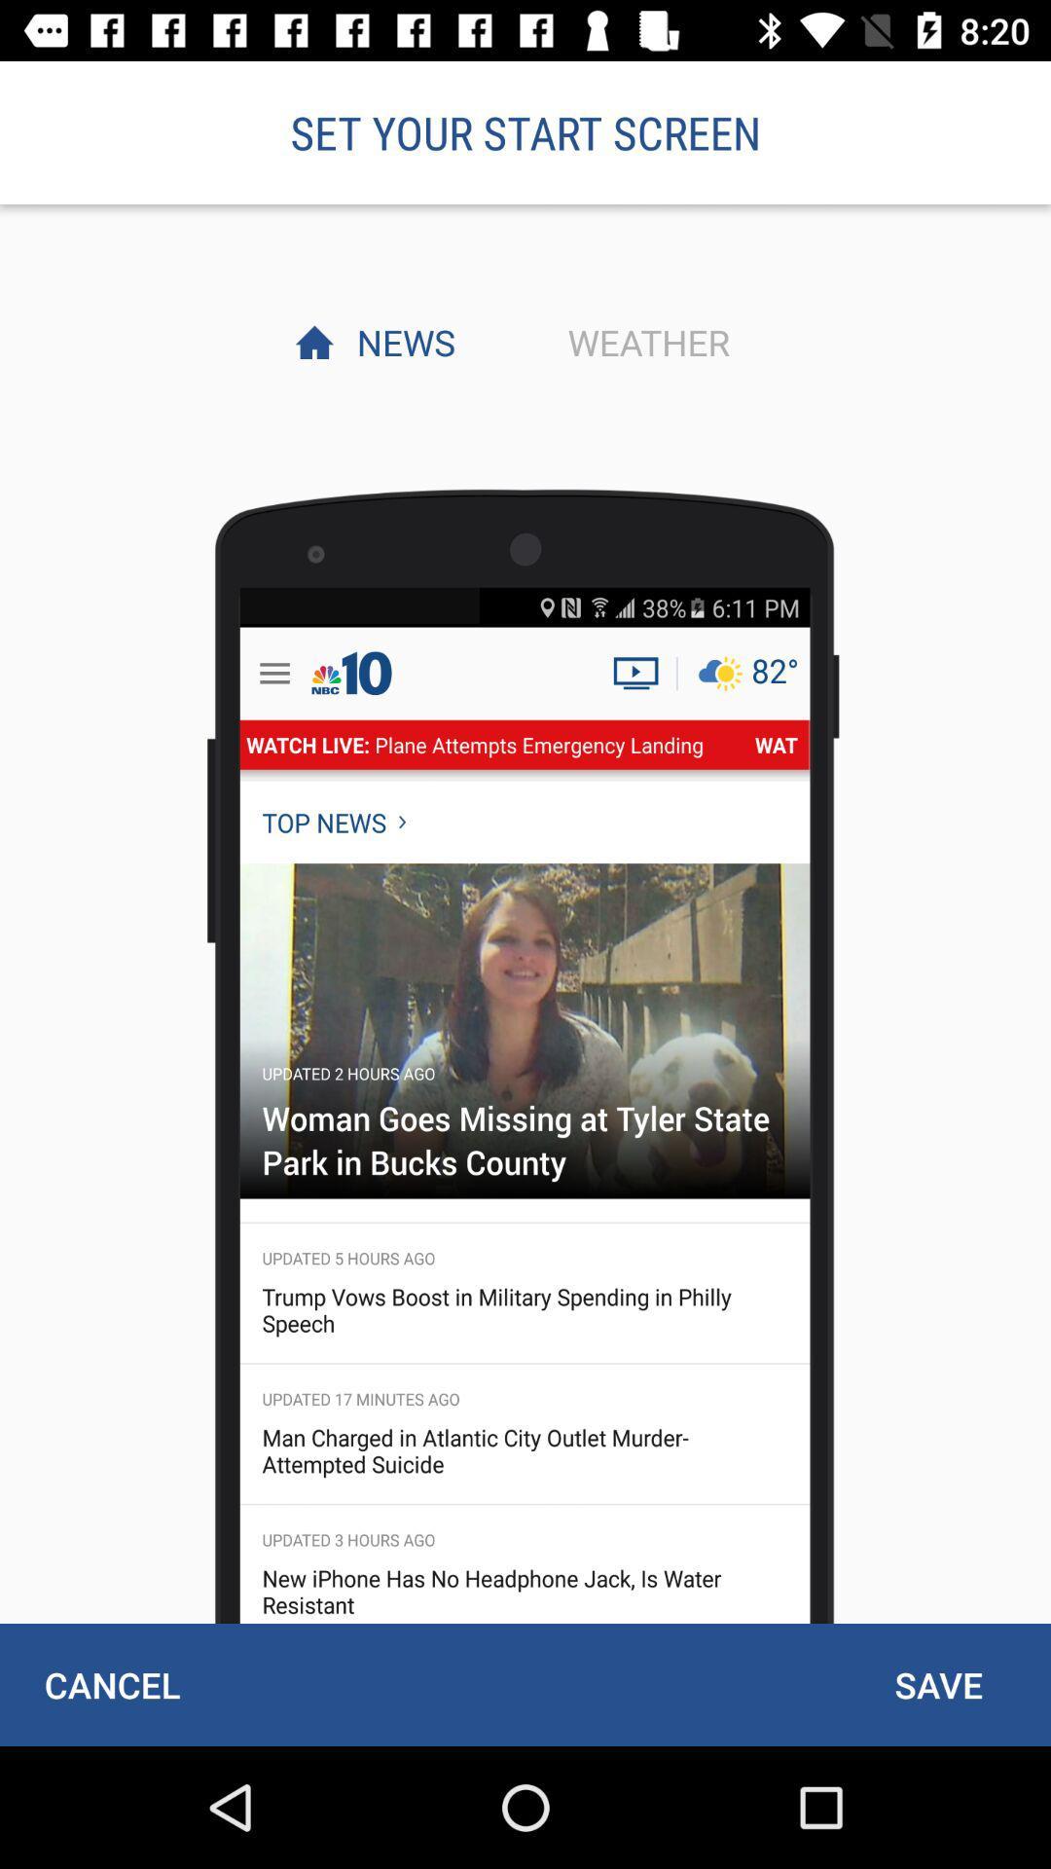 Image resolution: width=1051 pixels, height=1869 pixels. I want to click on item to the right of news icon, so click(643, 342).